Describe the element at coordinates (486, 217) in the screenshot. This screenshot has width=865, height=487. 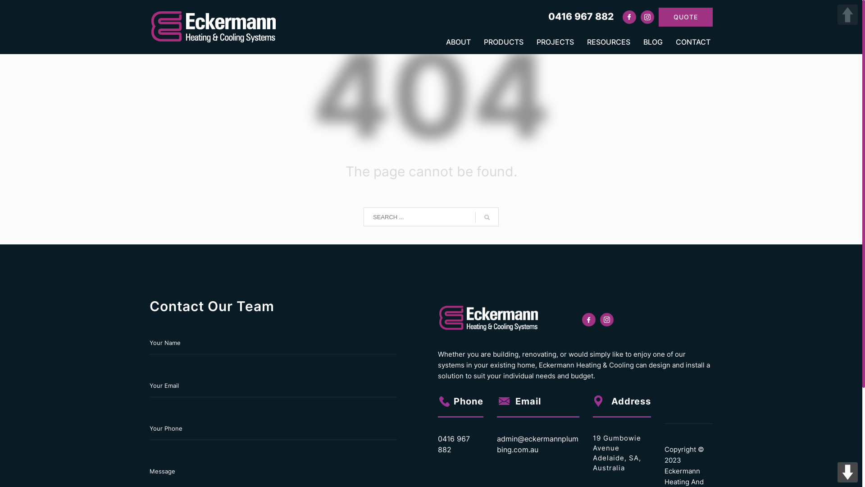
I see `'go'` at that location.